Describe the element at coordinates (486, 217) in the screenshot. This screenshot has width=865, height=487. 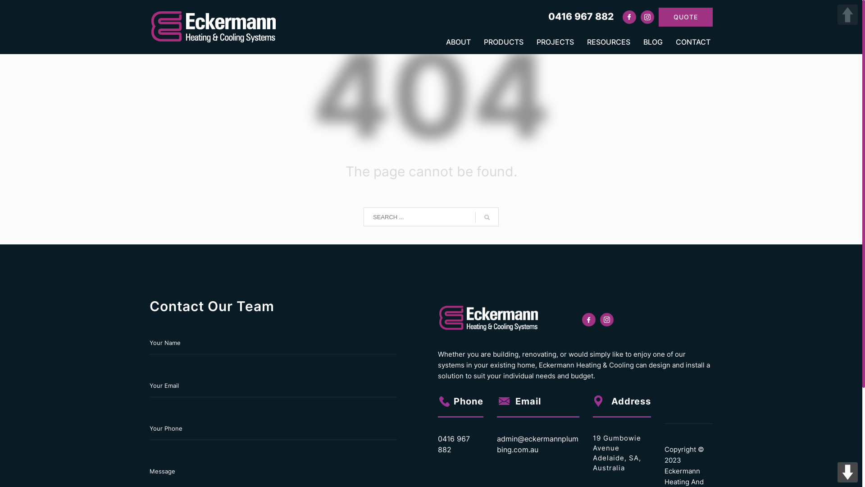
I see `'go'` at that location.